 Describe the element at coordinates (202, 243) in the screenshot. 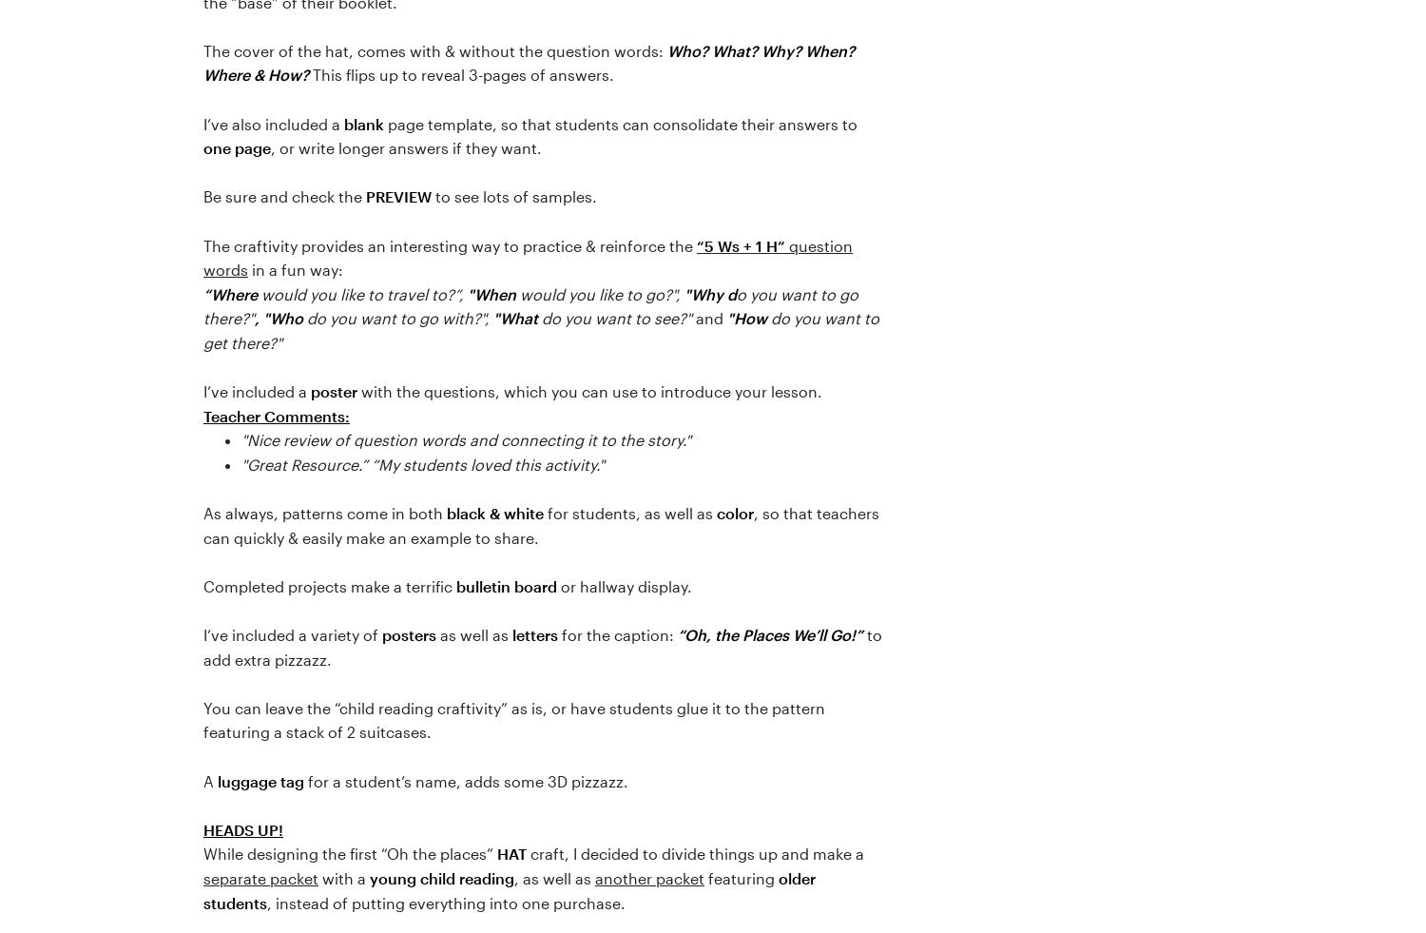

I see `'The craftivity provides an interesting way to practice & reinforce the'` at that location.